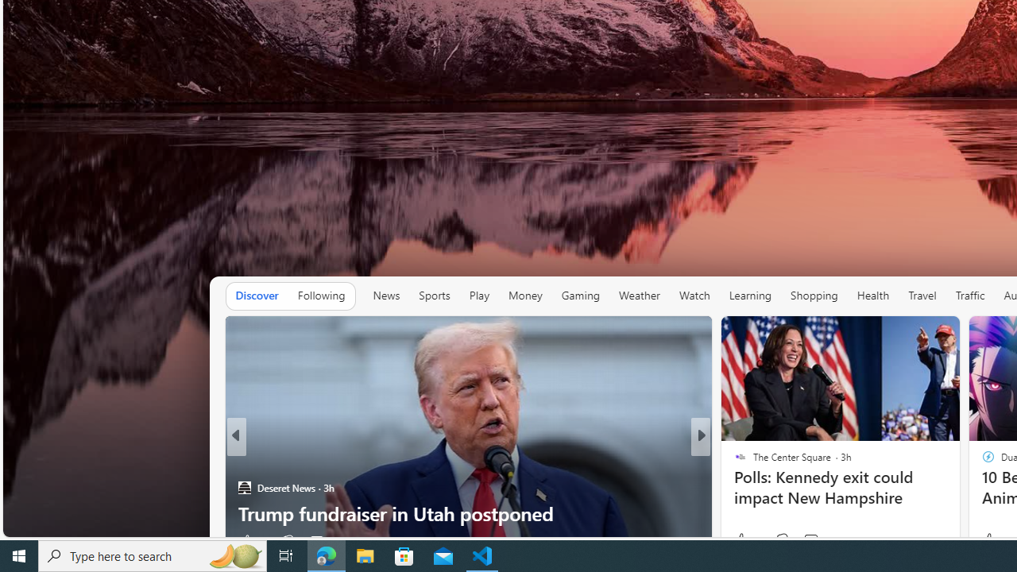 The width and height of the screenshot is (1017, 572). I want to click on 'Cryptopolitan', so click(733, 462).